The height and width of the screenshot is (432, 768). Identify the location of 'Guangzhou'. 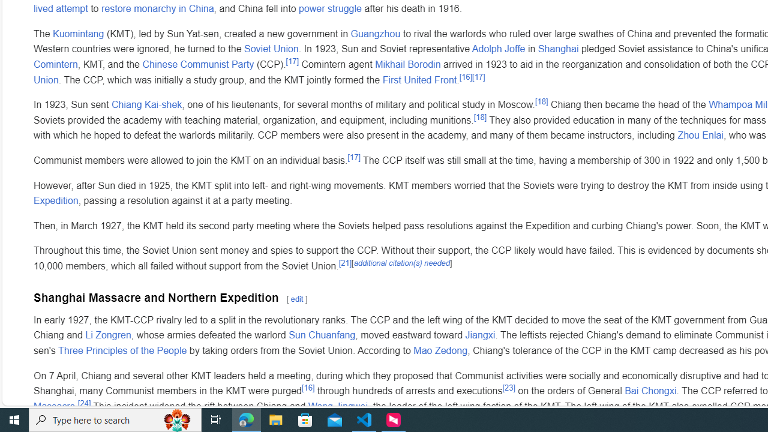
(374, 32).